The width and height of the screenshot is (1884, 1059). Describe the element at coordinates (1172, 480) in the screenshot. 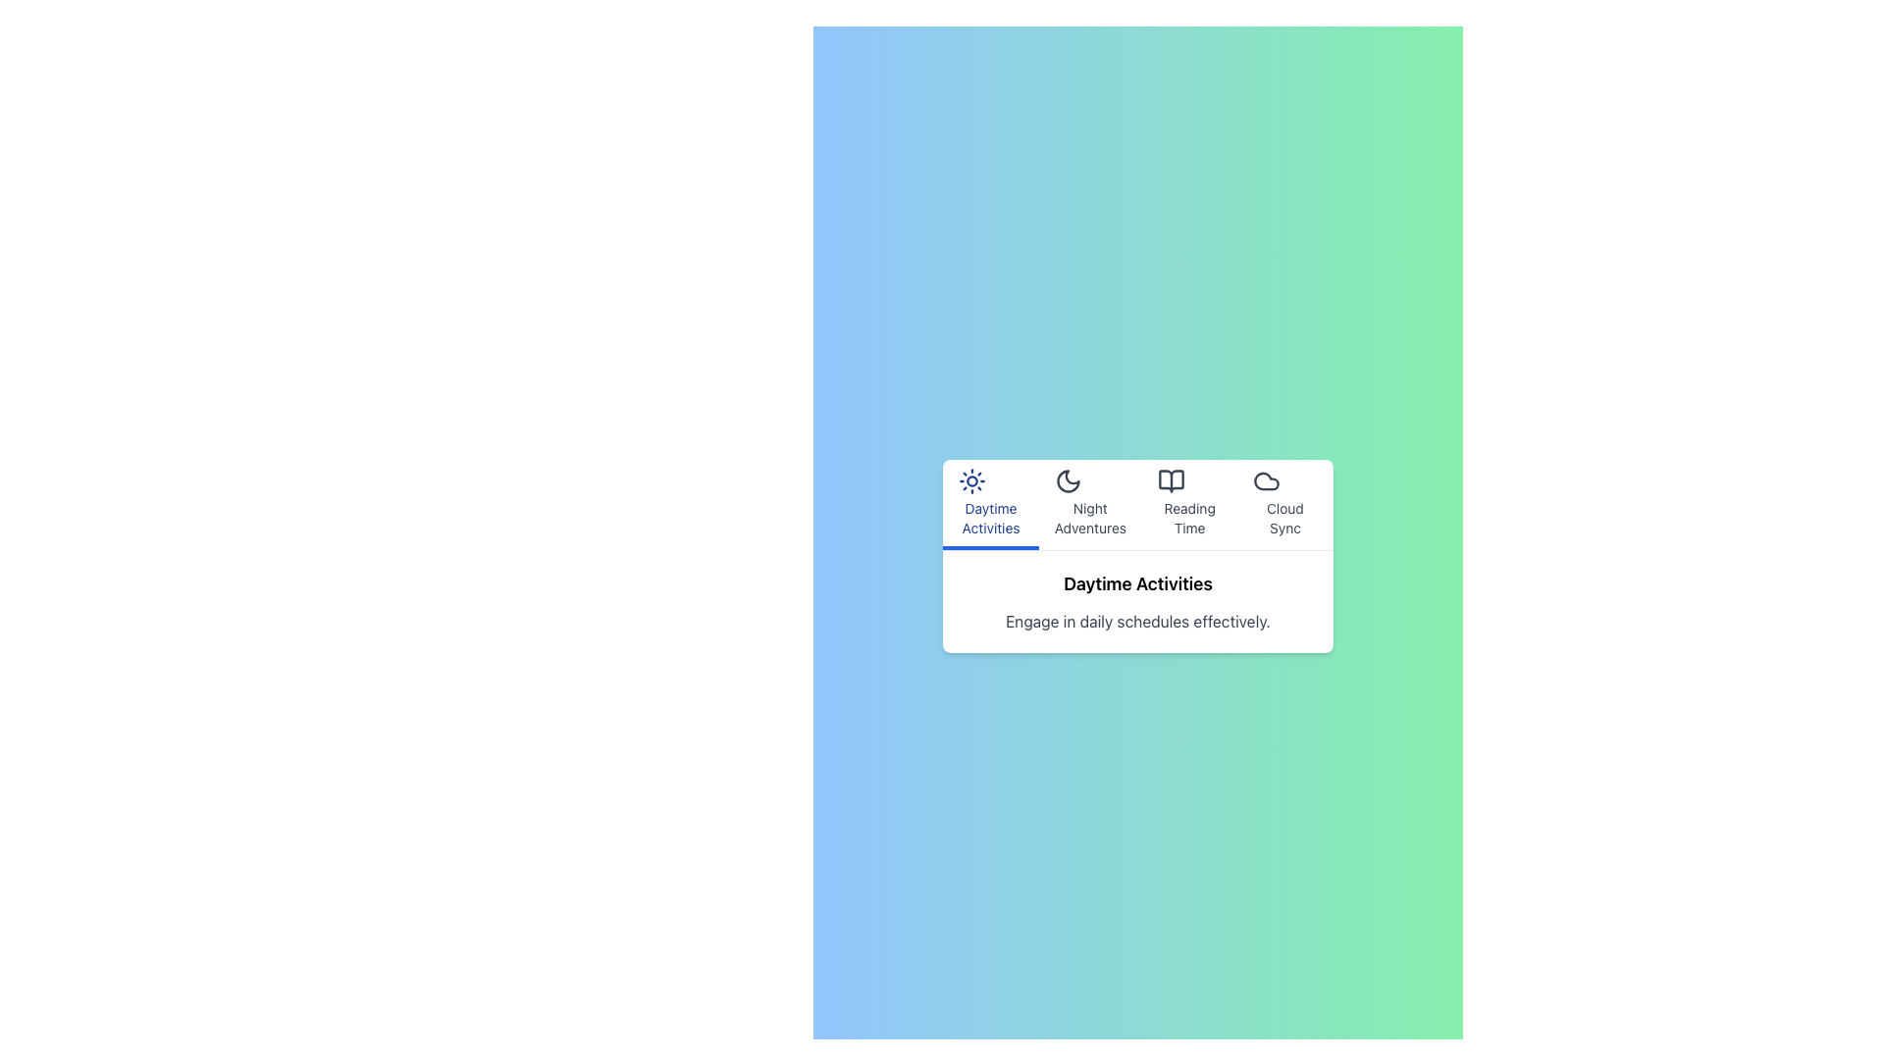

I see `the 'Reading Time' icon, which is the third icon from the left in the horizontal tab-like menu` at that location.